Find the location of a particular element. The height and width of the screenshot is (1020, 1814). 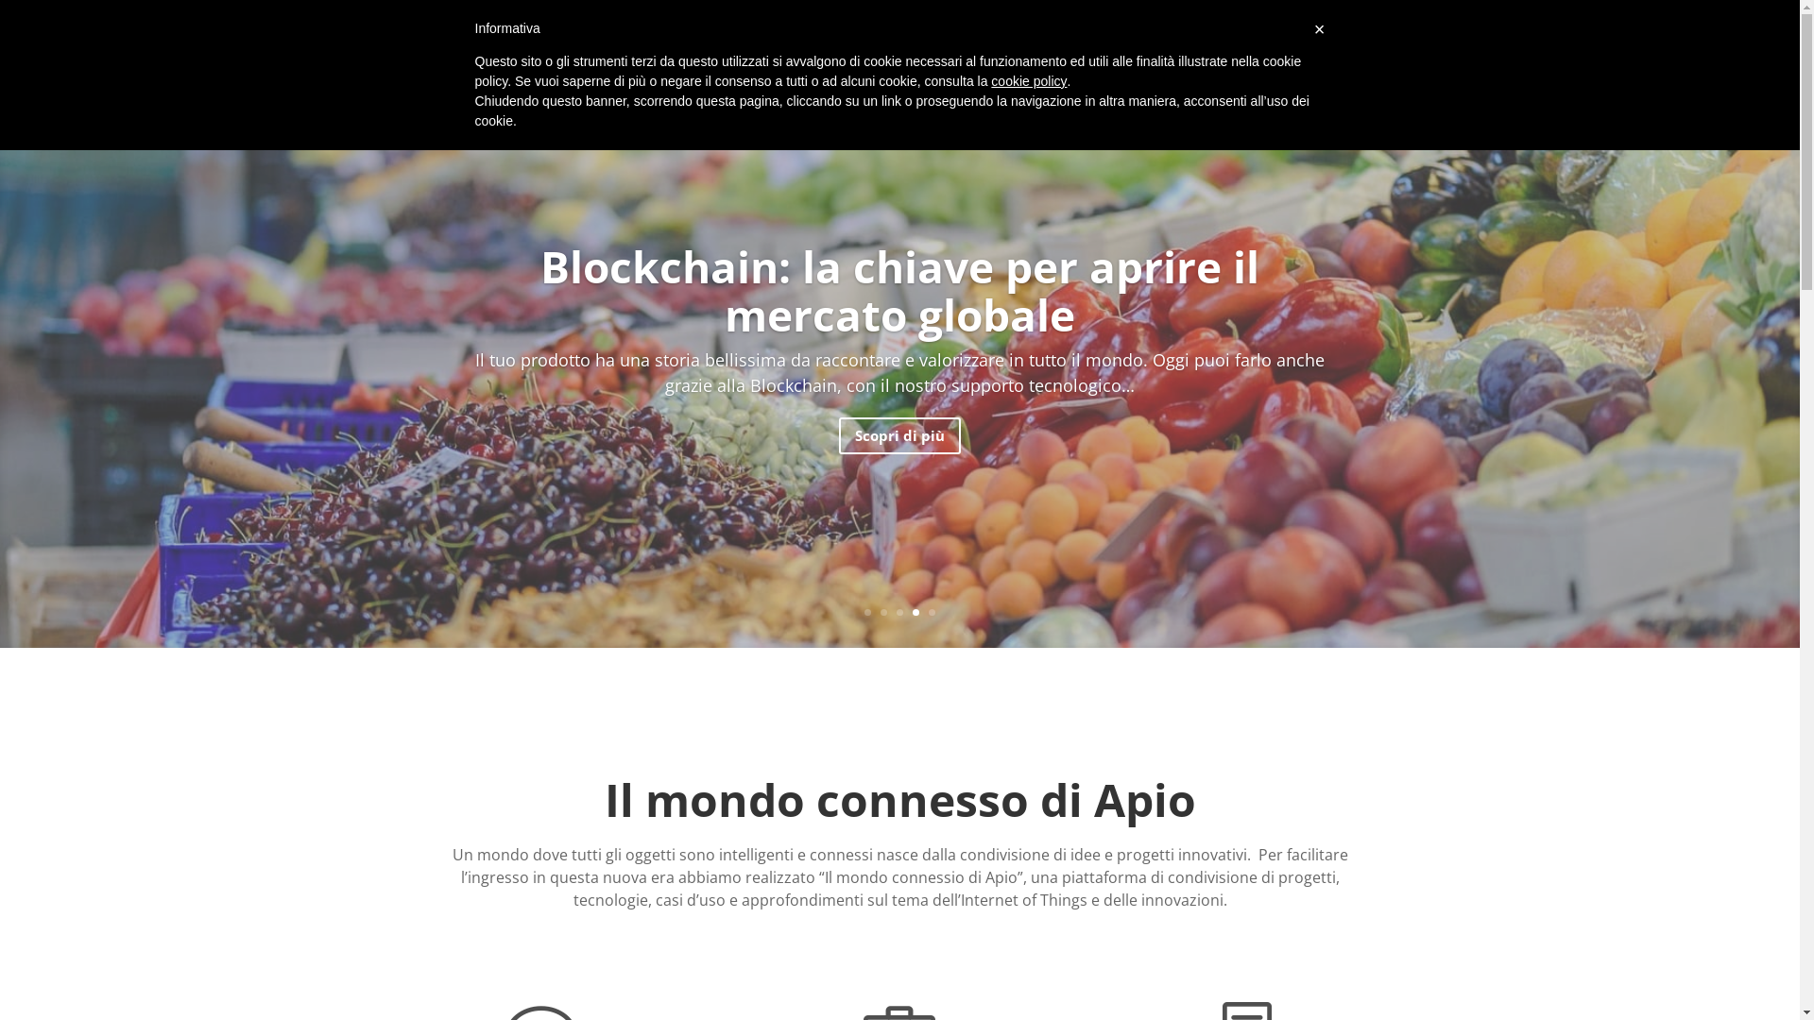

'Blockchain: la chiave per aprire il mercato globale' is located at coordinates (539, 290).